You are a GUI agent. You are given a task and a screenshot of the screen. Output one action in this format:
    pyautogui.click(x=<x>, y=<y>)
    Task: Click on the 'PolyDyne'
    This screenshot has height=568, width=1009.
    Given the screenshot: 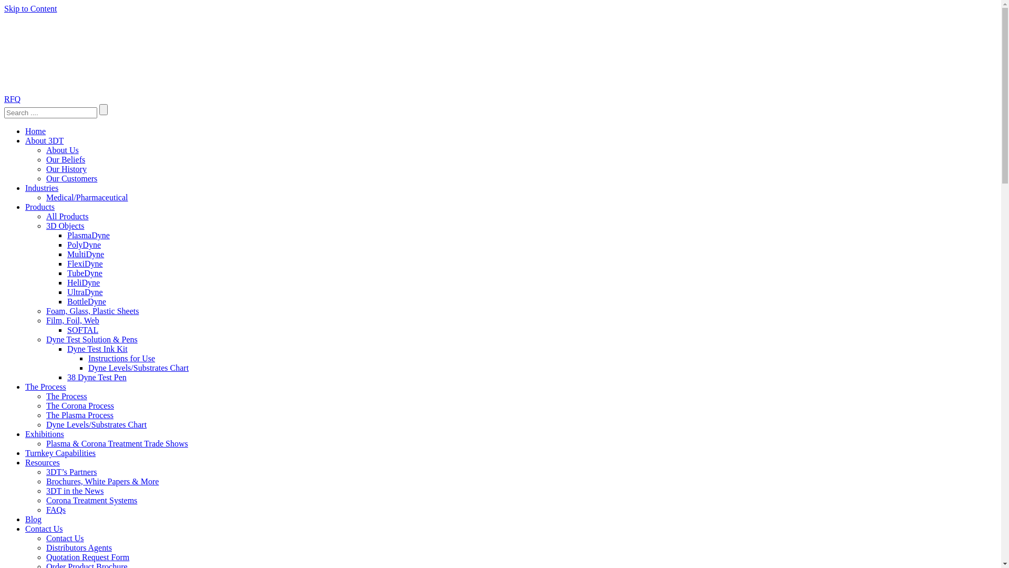 What is the action you would take?
    pyautogui.click(x=83, y=245)
    